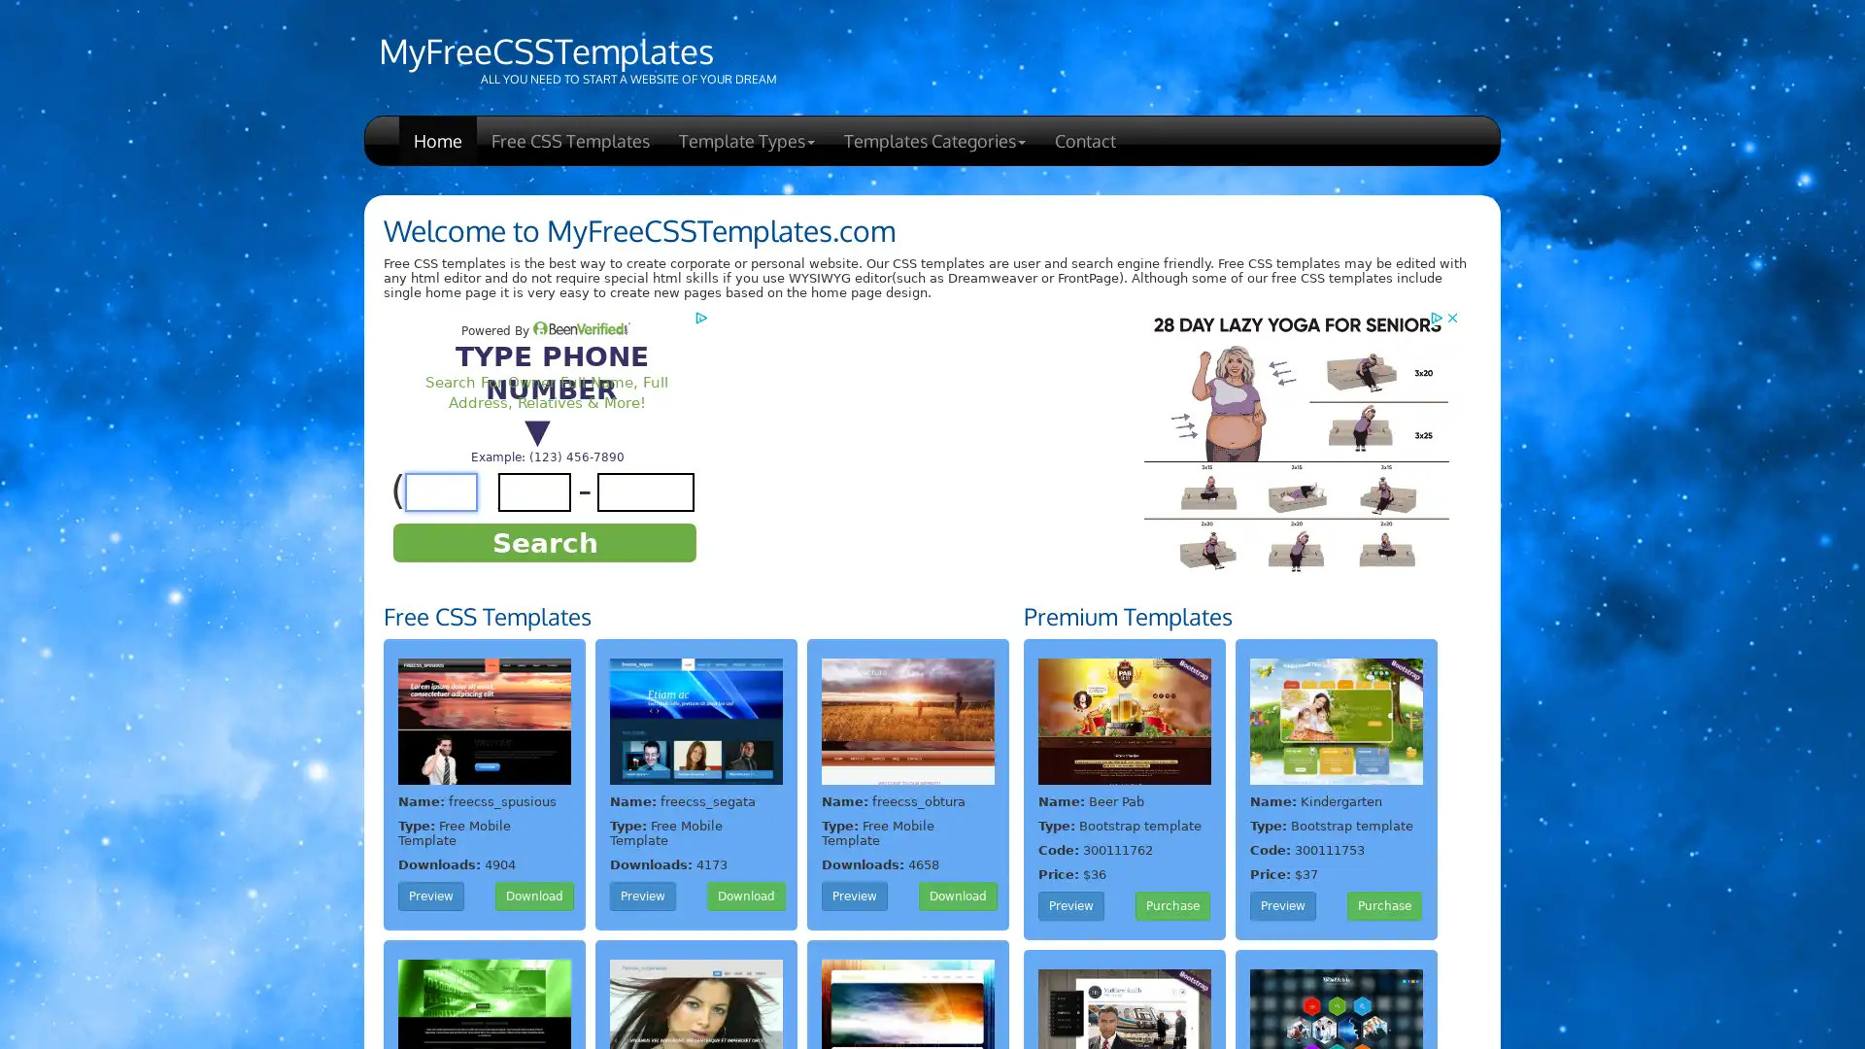 This screenshot has width=1865, height=1049. What do you see at coordinates (430, 896) in the screenshot?
I see `Preview` at bounding box center [430, 896].